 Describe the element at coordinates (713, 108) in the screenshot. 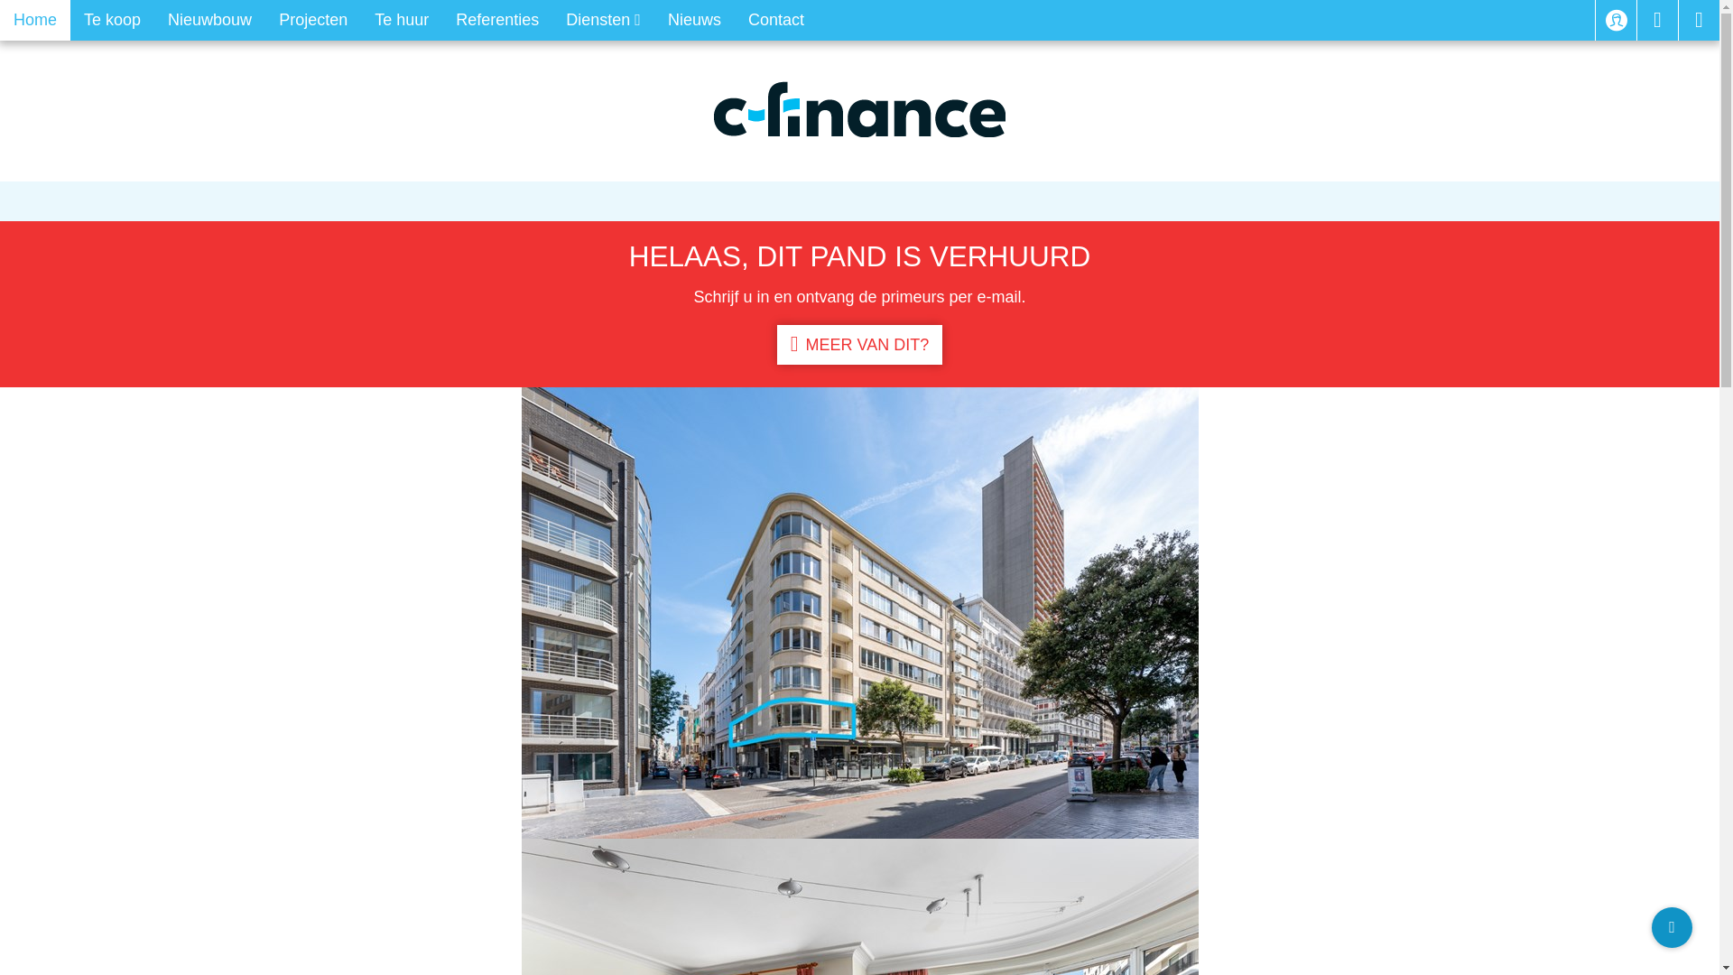

I see `'Link homepage'` at that location.